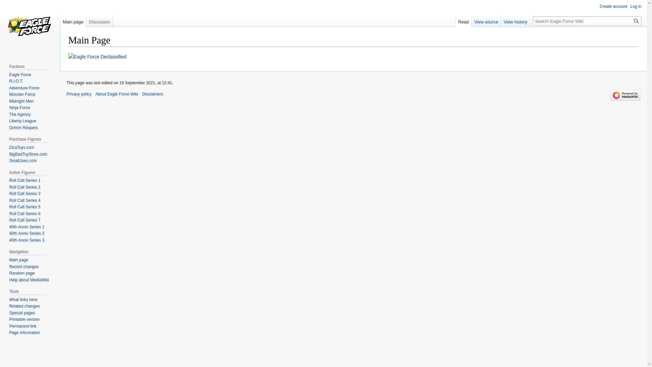 Image resolution: width=652 pixels, height=367 pixels. What do you see at coordinates (636, 20) in the screenshot?
I see `'Search the pages for this text'` at bounding box center [636, 20].